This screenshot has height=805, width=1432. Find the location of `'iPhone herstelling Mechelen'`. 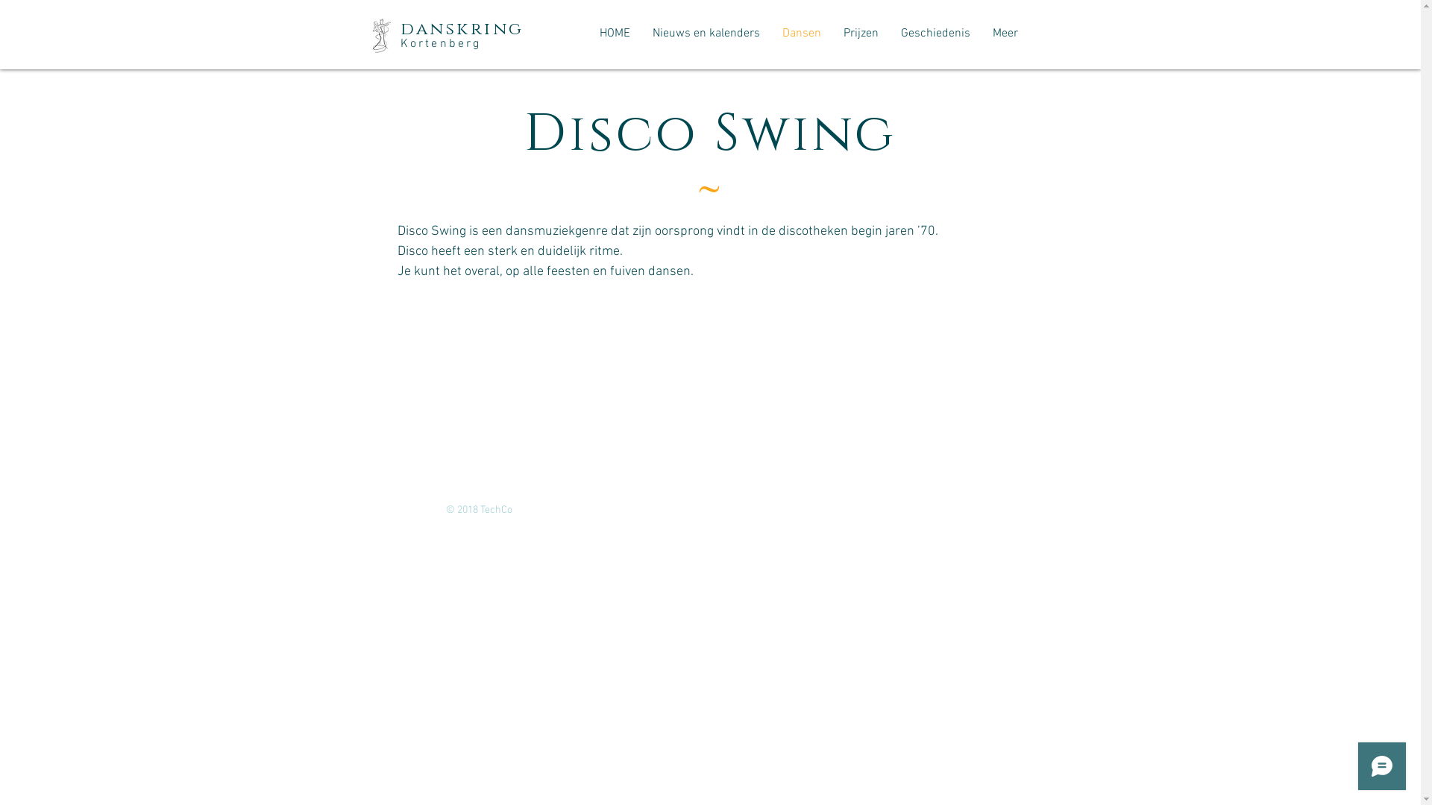

'iPhone herstelling Mechelen' is located at coordinates (908, 509).